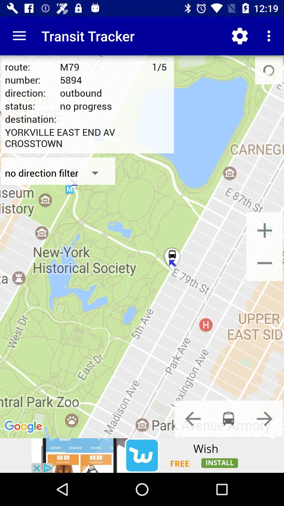 The height and width of the screenshot is (506, 284). Describe the element at coordinates (265, 230) in the screenshot. I see `resize option` at that location.